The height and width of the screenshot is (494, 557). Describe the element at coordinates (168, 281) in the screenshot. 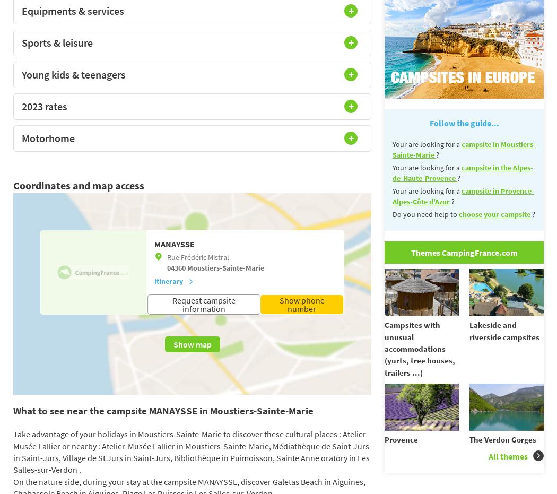

I see `'Itinerary'` at that location.